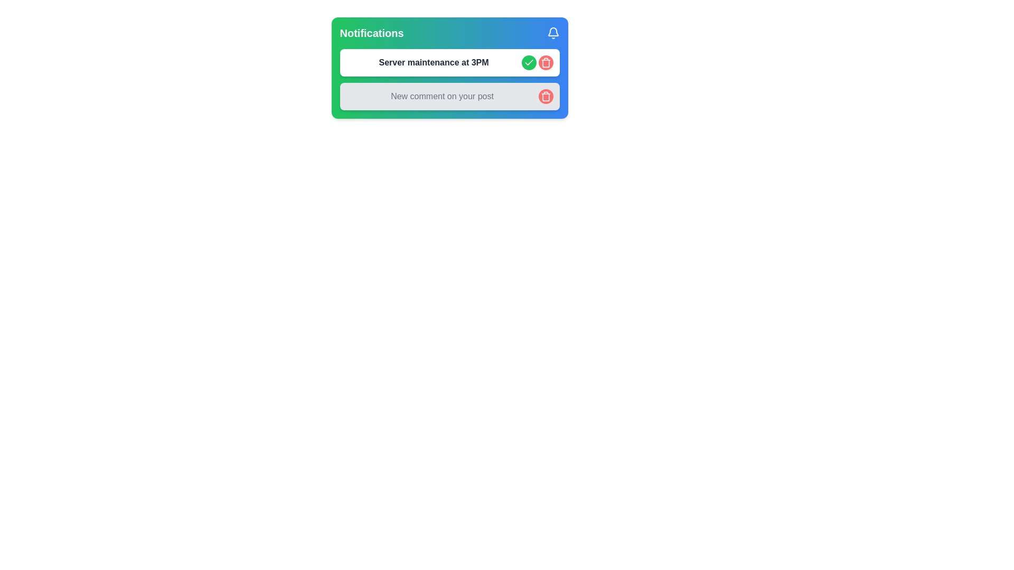 The image size is (1014, 570). What do you see at coordinates (537, 63) in the screenshot?
I see `the red action button in the notification card labeled 'Server maintenance at 3PM'` at bounding box center [537, 63].